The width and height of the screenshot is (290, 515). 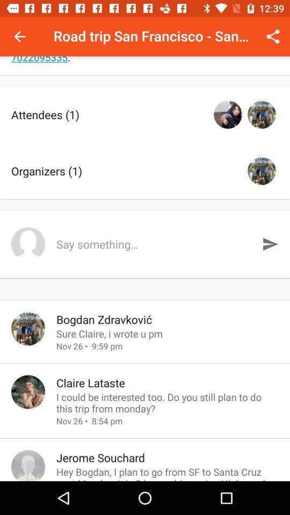 I want to click on the icon above the i am planning item, so click(x=19, y=36).